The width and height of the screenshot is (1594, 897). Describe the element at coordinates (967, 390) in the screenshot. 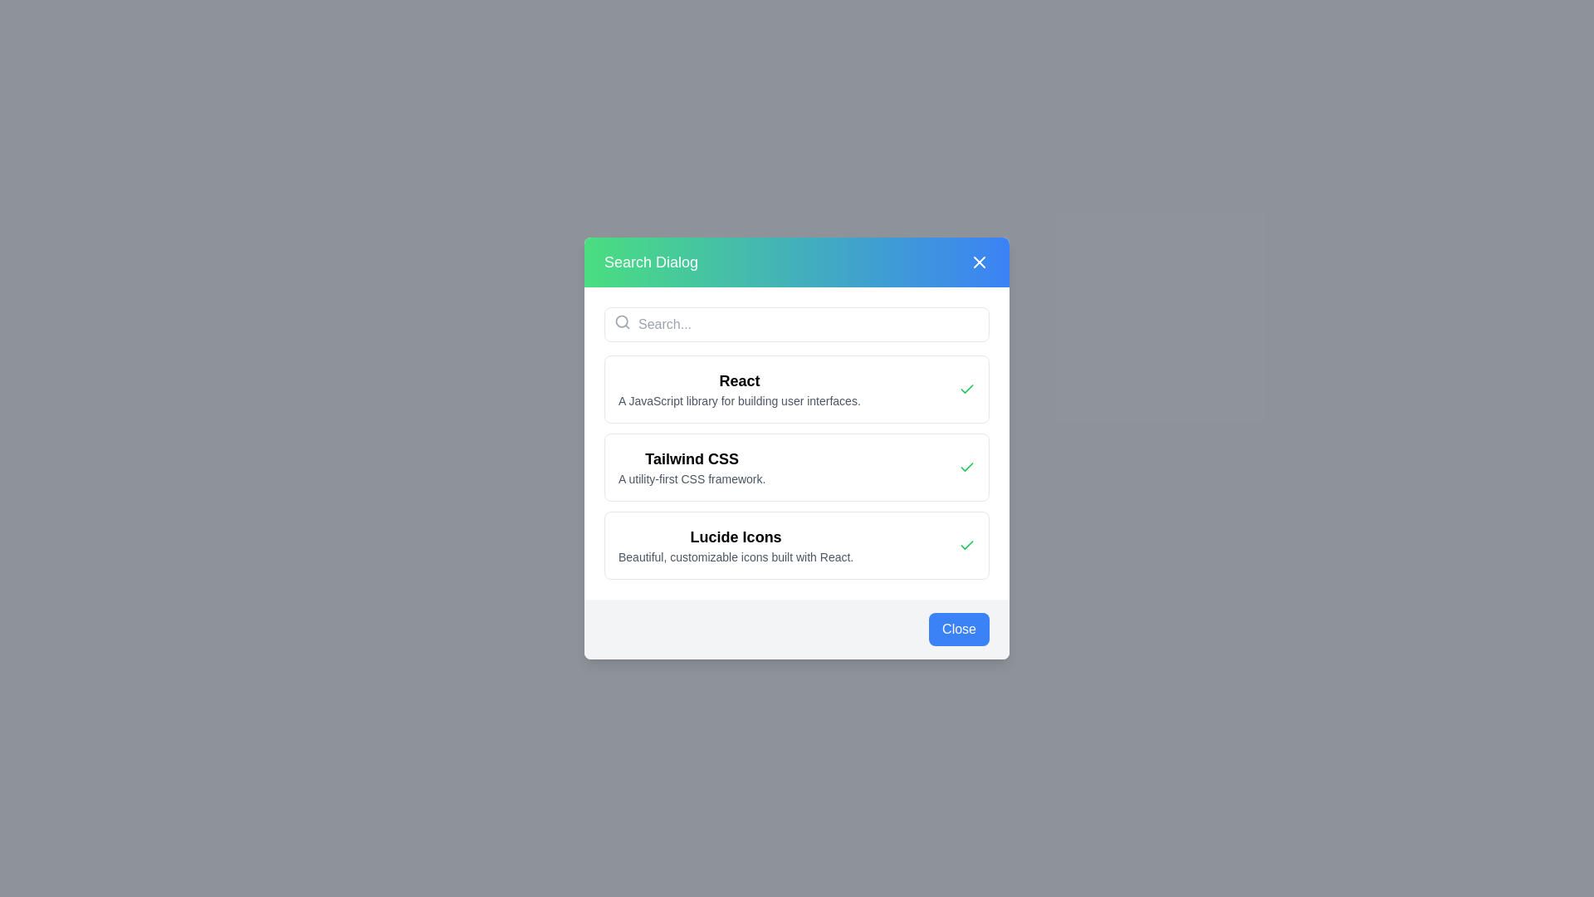

I see `the Checkmark icon located to the right of the 'React' text header` at that location.